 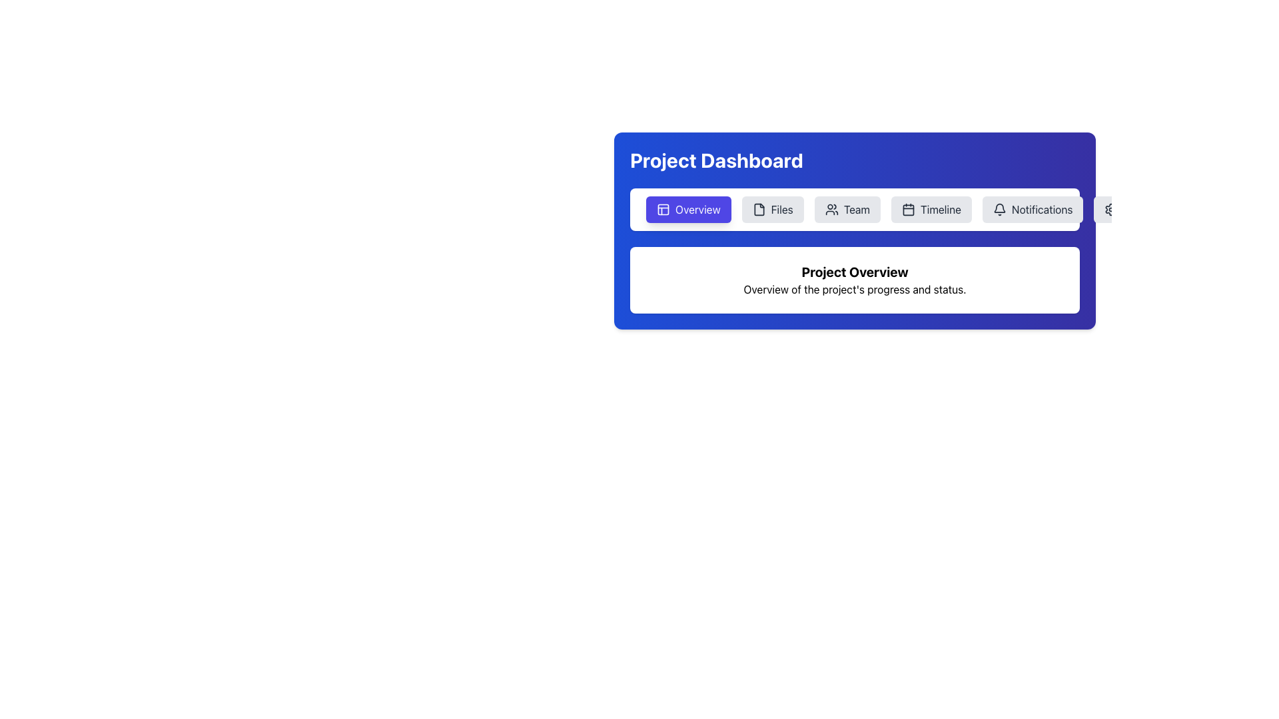 I want to click on the icon within the 'Overview' button, which serves as a visual aid for the button's purpose, located at the center-left of the button, so click(x=663, y=210).